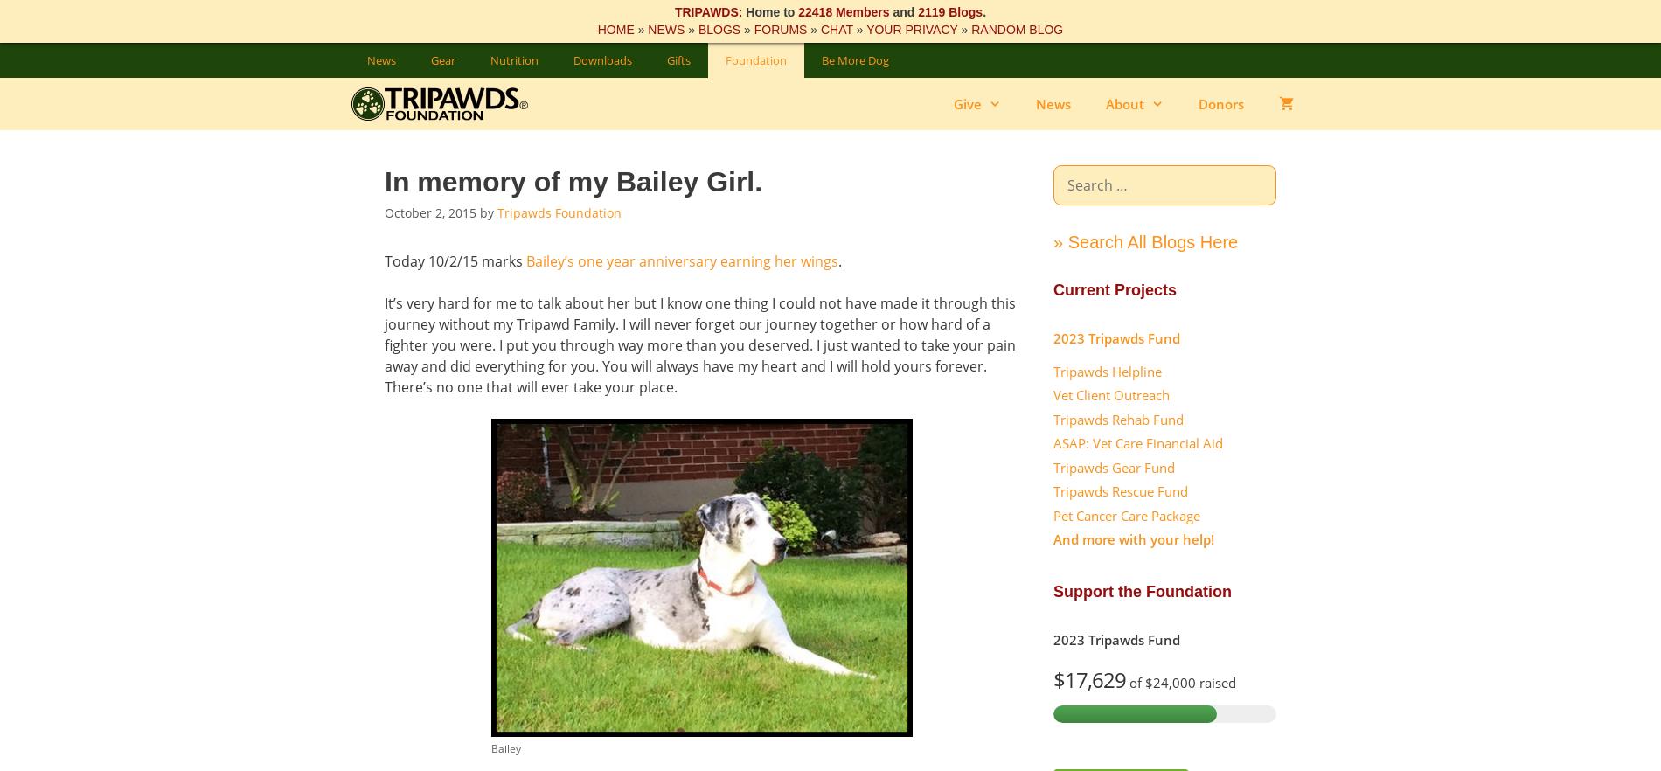  I want to click on '$17,629', so click(1088, 678).